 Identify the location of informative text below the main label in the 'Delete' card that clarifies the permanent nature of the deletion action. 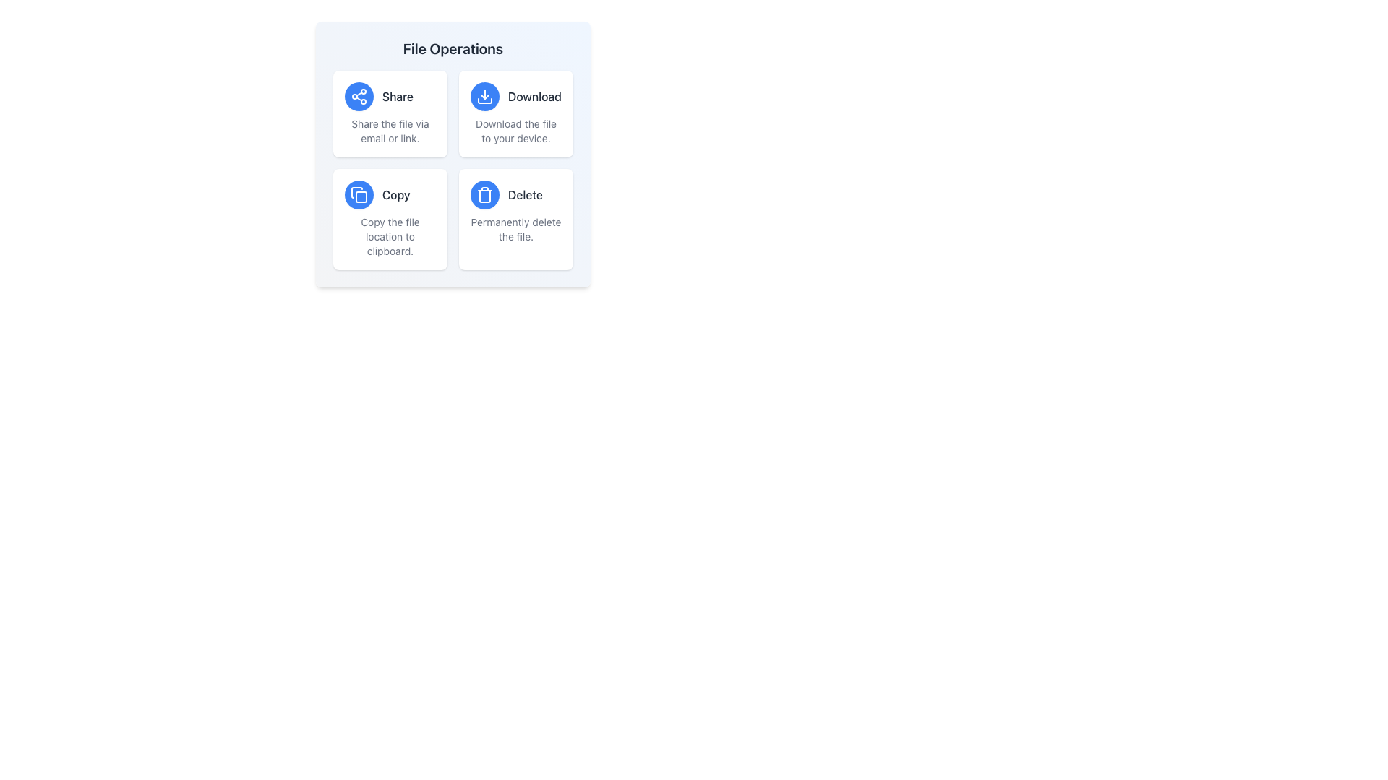
(516, 228).